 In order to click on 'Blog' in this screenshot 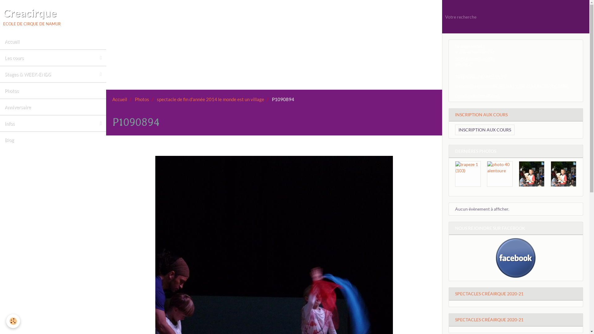, I will do `click(0, 139)`.